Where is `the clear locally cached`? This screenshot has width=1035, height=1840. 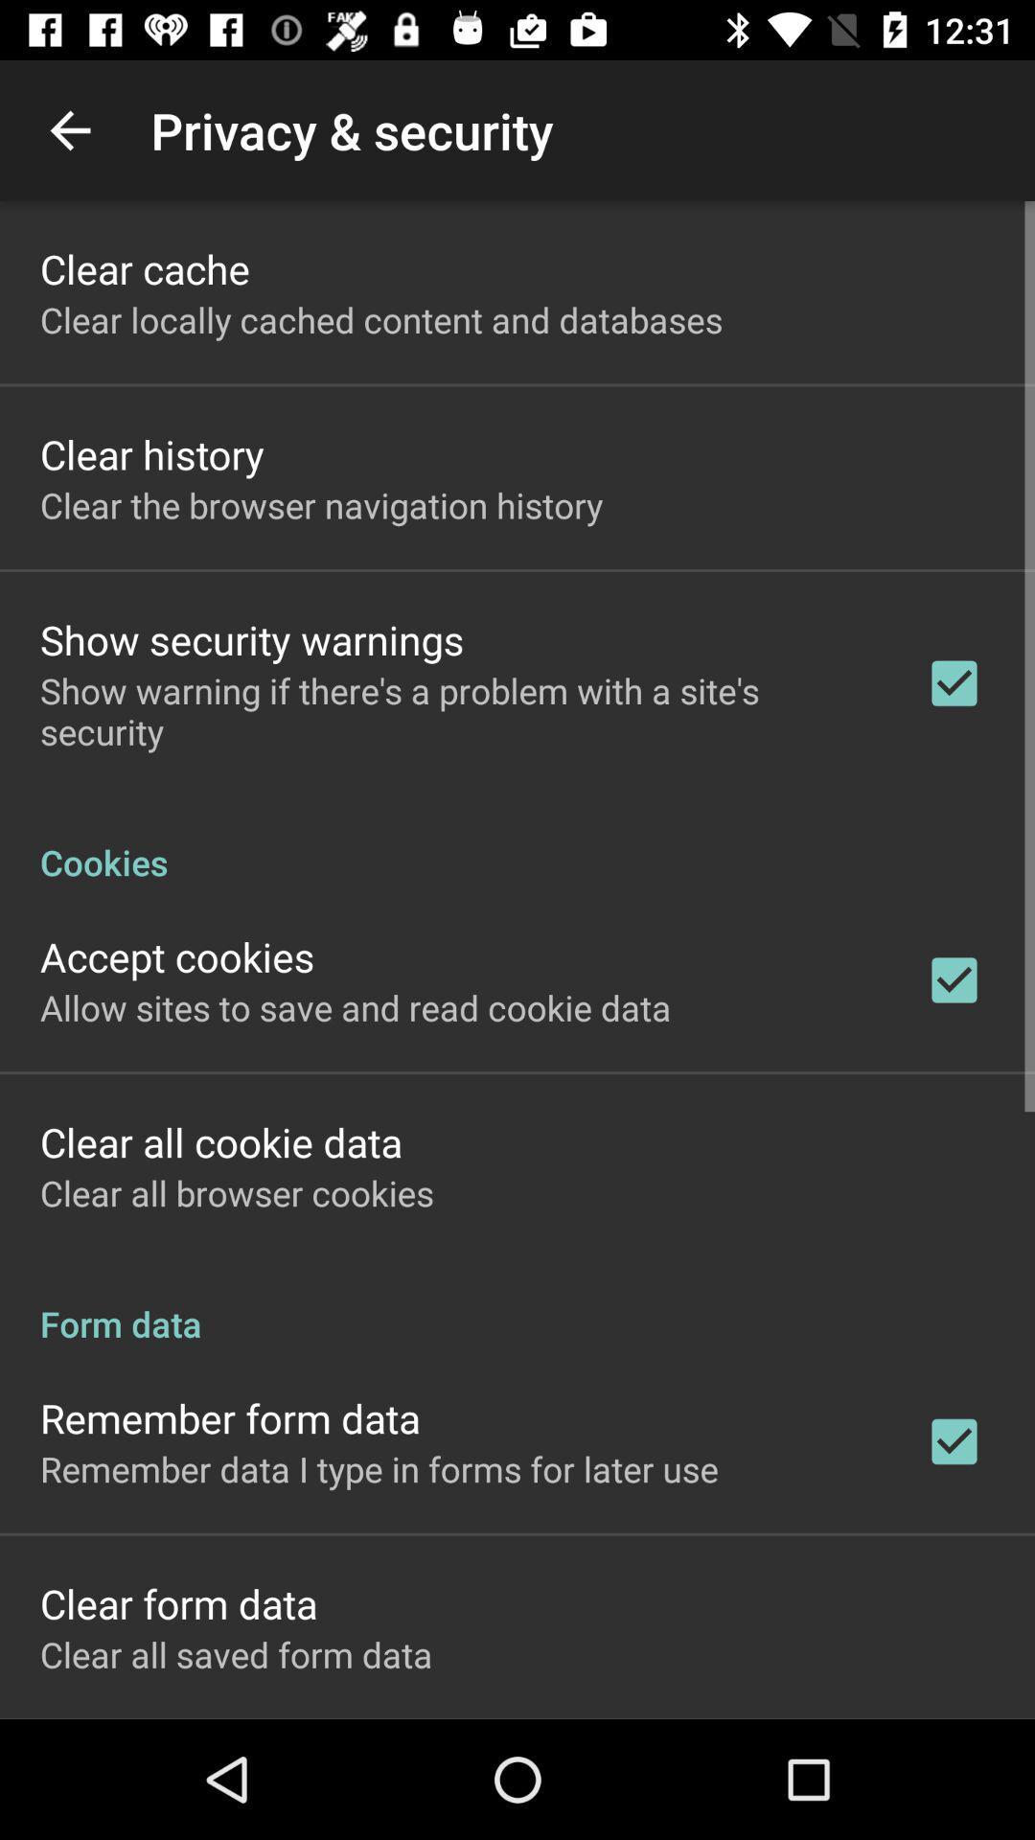 the clear locally cached is located at coordinates (381, 319).